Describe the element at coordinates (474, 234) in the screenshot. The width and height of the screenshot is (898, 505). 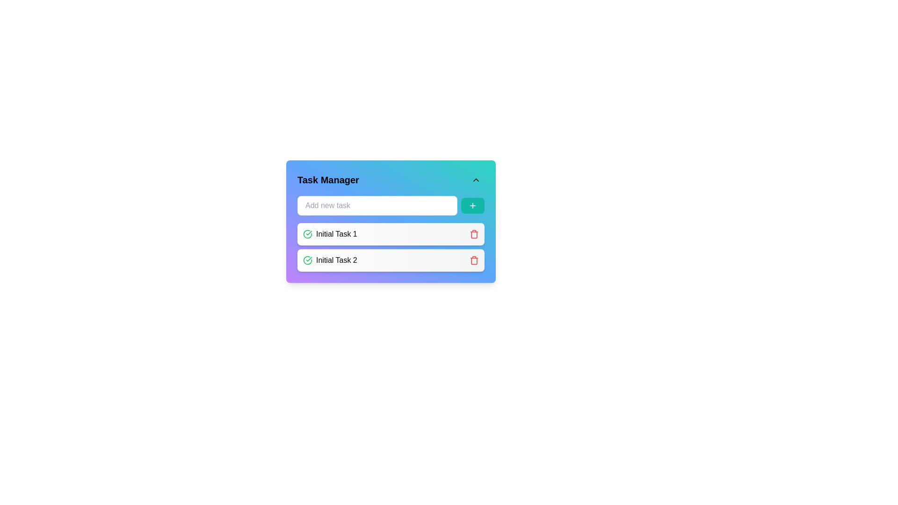
I see `the delete button for the task labeled 'Initial Task 1'` at that location.